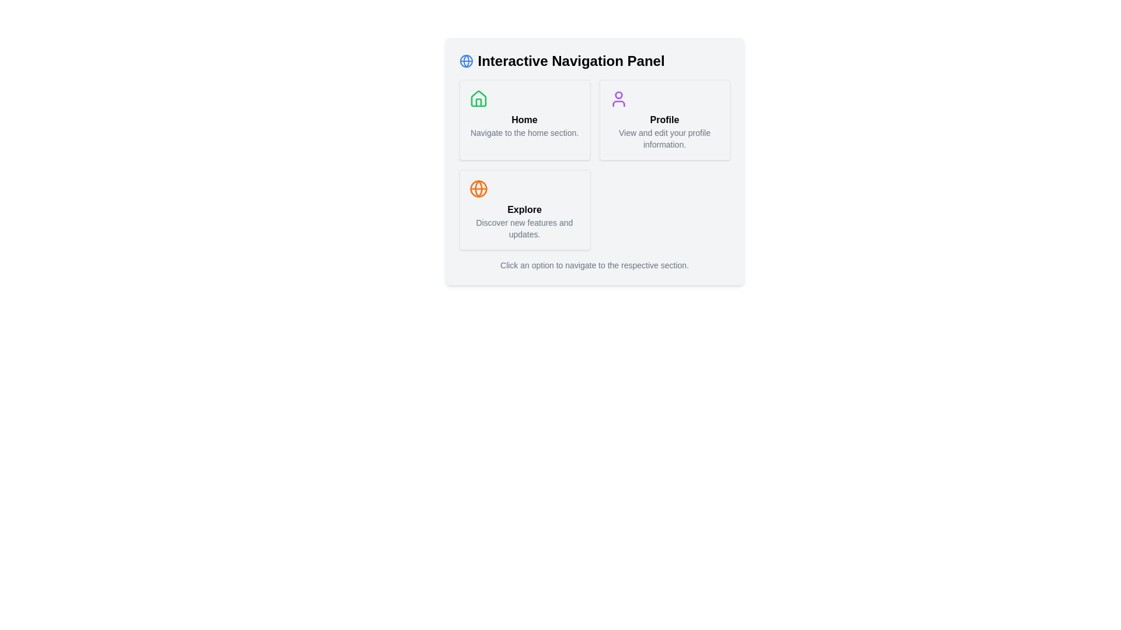 The width and height of the screenshot is (1121, 630). What do you see at coordinates (524, 132) in the screenshot?
I see `supportive text label located below the title 'Home' within the 'Home' interactive card` at bounding box center [524, 132].